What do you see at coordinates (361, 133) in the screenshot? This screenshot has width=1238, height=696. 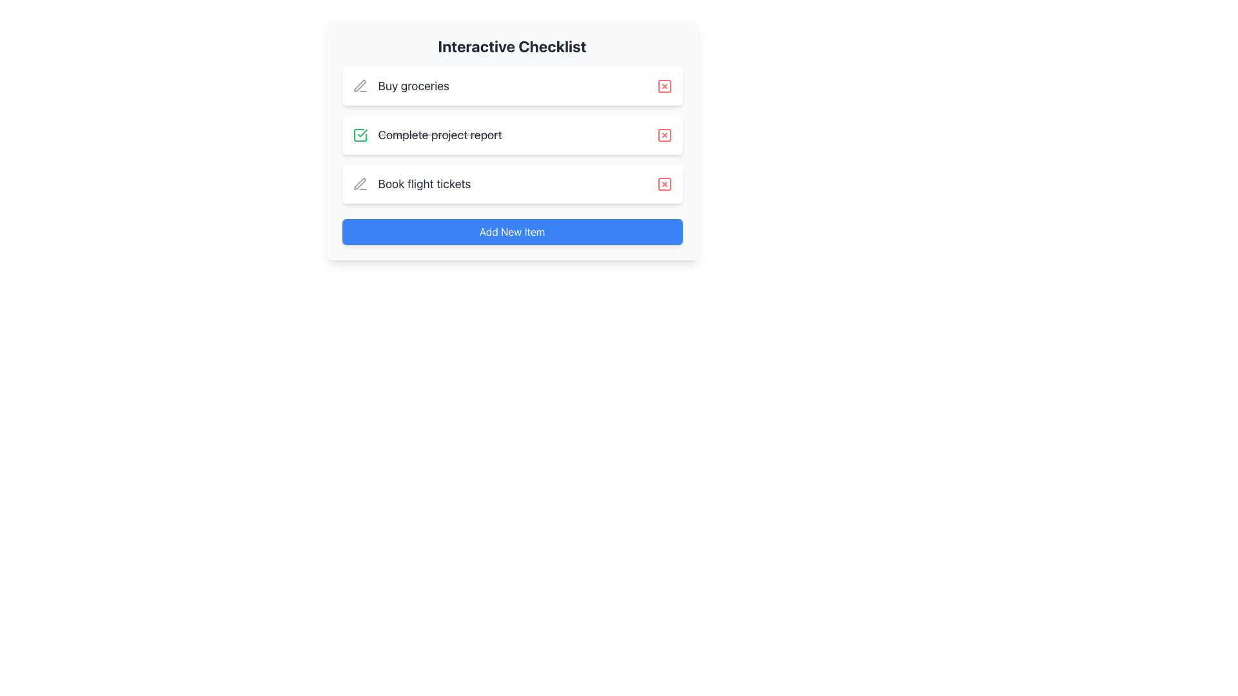 I see `the small green checkmark icon that signifies completion or approval, located to the left of the text 'Complete project report' in the second row of the list` at bounding box center [361, 133].